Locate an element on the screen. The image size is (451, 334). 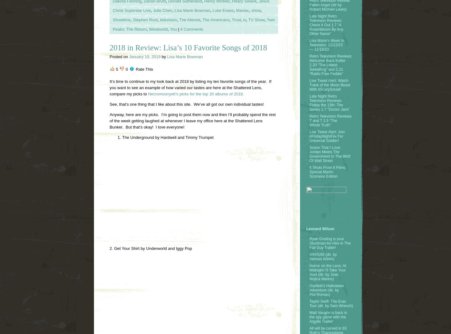
'Rate This' is located at coordinates (144, 69).